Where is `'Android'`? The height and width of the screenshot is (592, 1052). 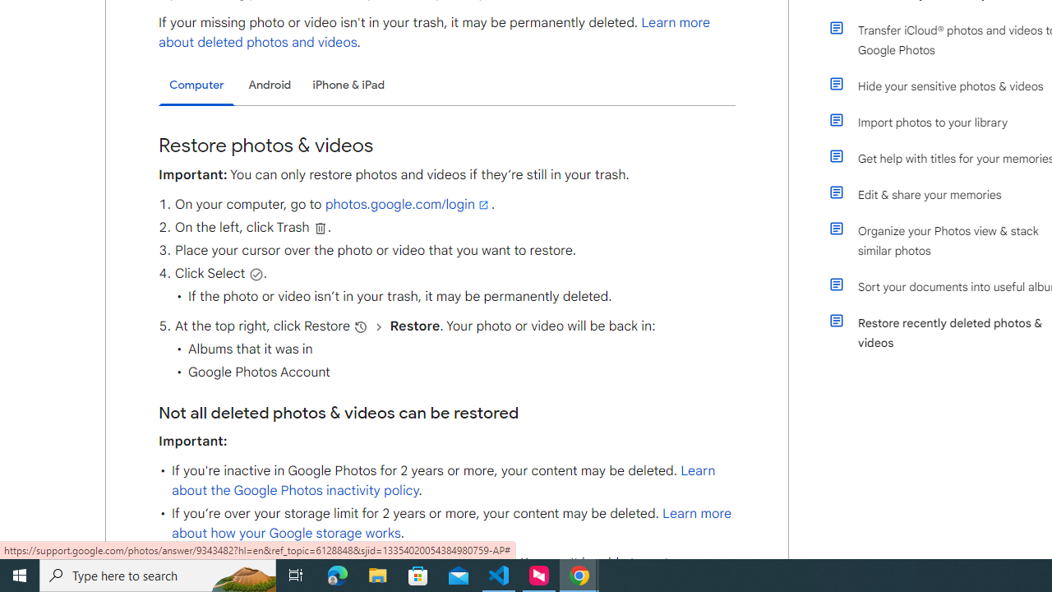 'Android' is located at coordinates (270, 85).